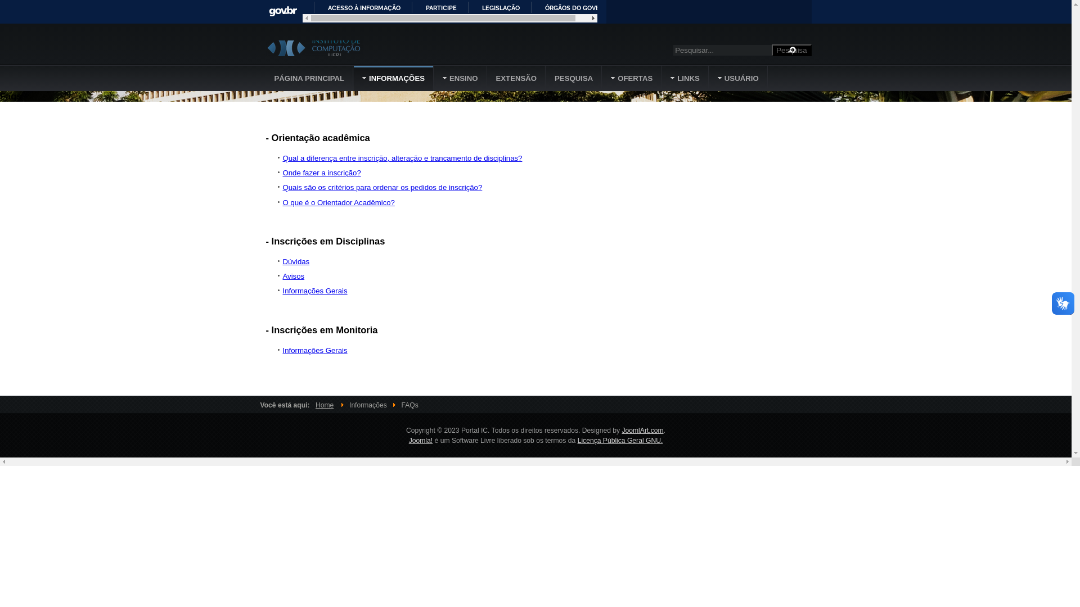 This screenshot has height=607, width=1080. What do you see at coordinates (685, 78) in the screenshot?
I see `'LINKS'` at bounding box center [685, 78].